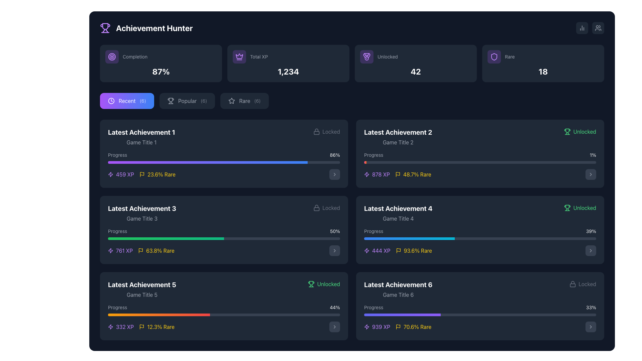  I want to click on the static text label displaying 'Game Title 1', which is located below 'Latest Achievement 1' and above a progress bar in the first achievement card, so click(141, 142).